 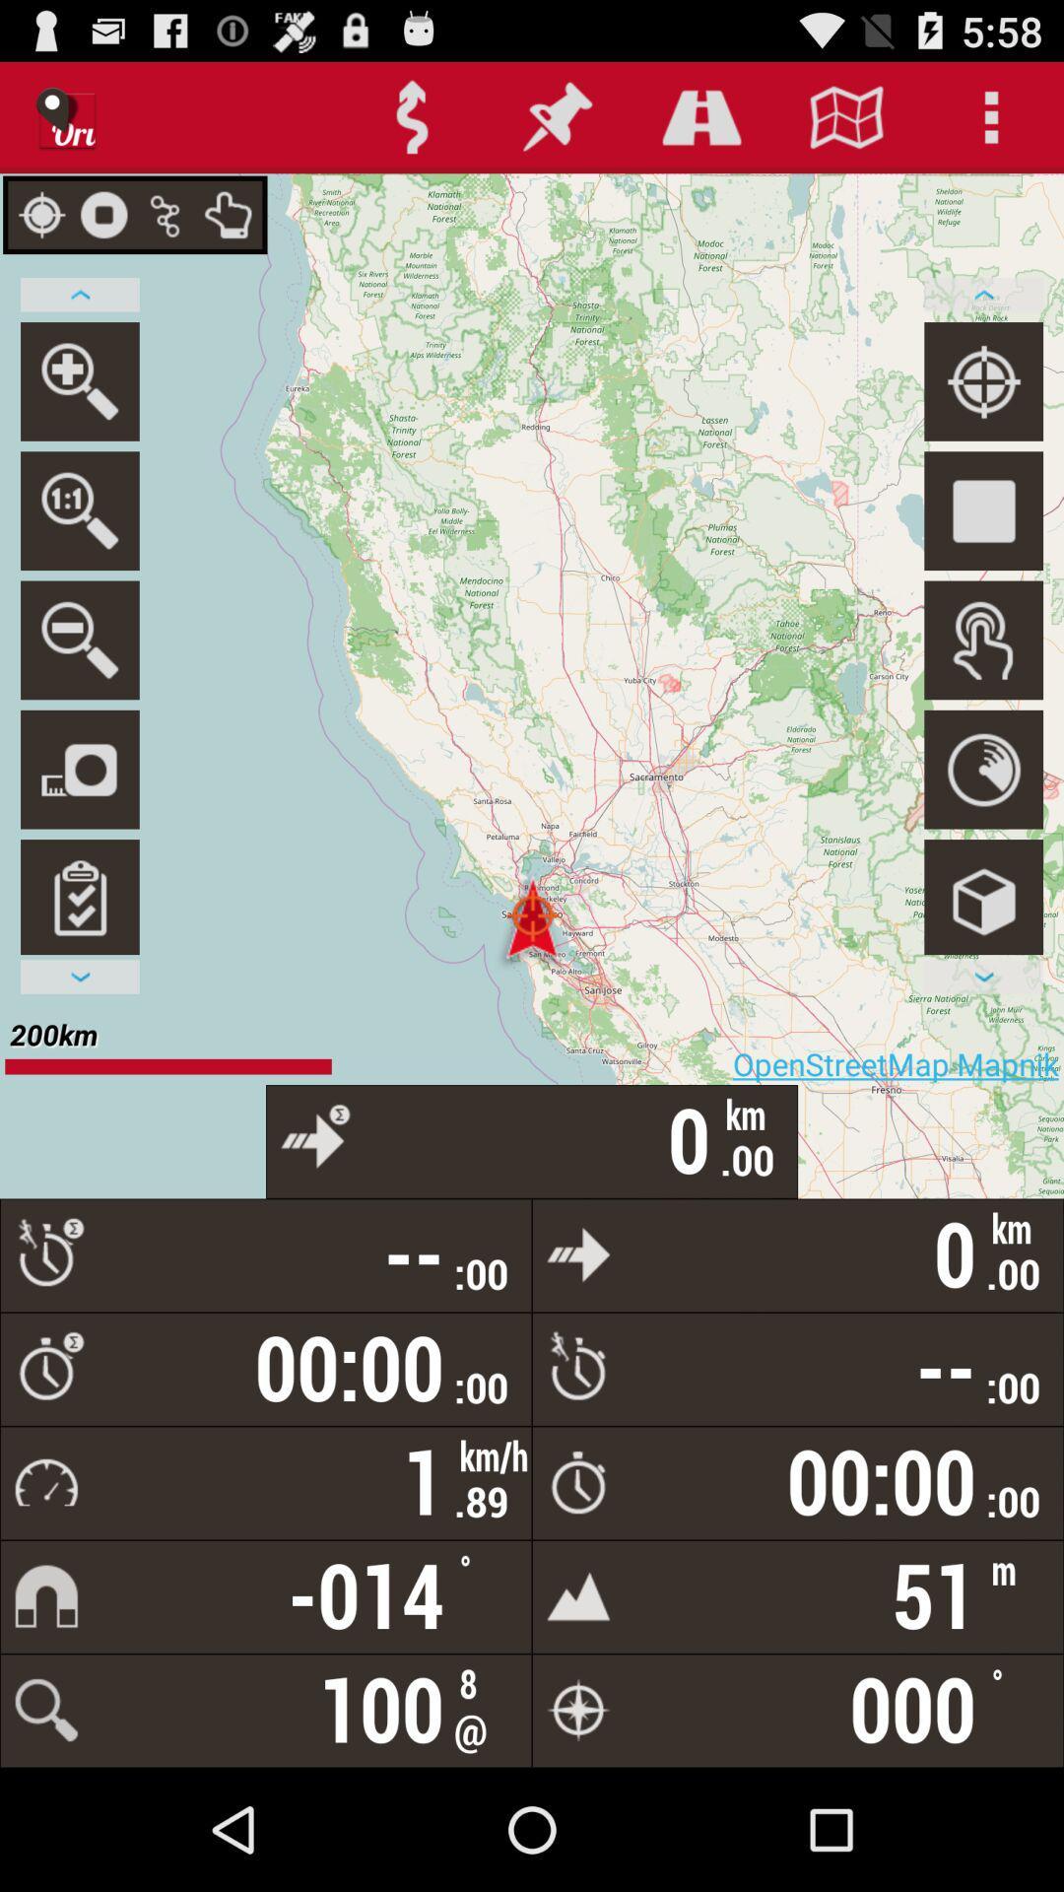 What do you see at coordinates (983, 407) in the screenshot?
I see `the location_crosshair icon` at bounding box center [983, 407].